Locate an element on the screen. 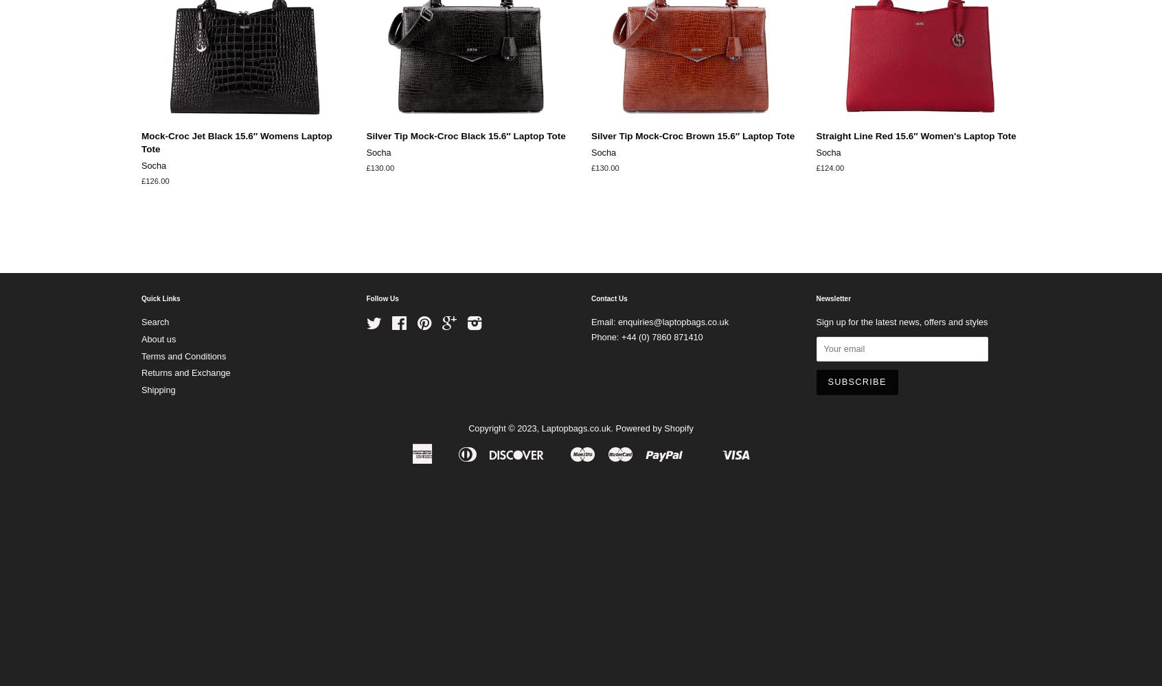 The image size is (1162, 686). 'Email: enquiries@laptopbags.co.uk' is located at coordinates (660, 320).